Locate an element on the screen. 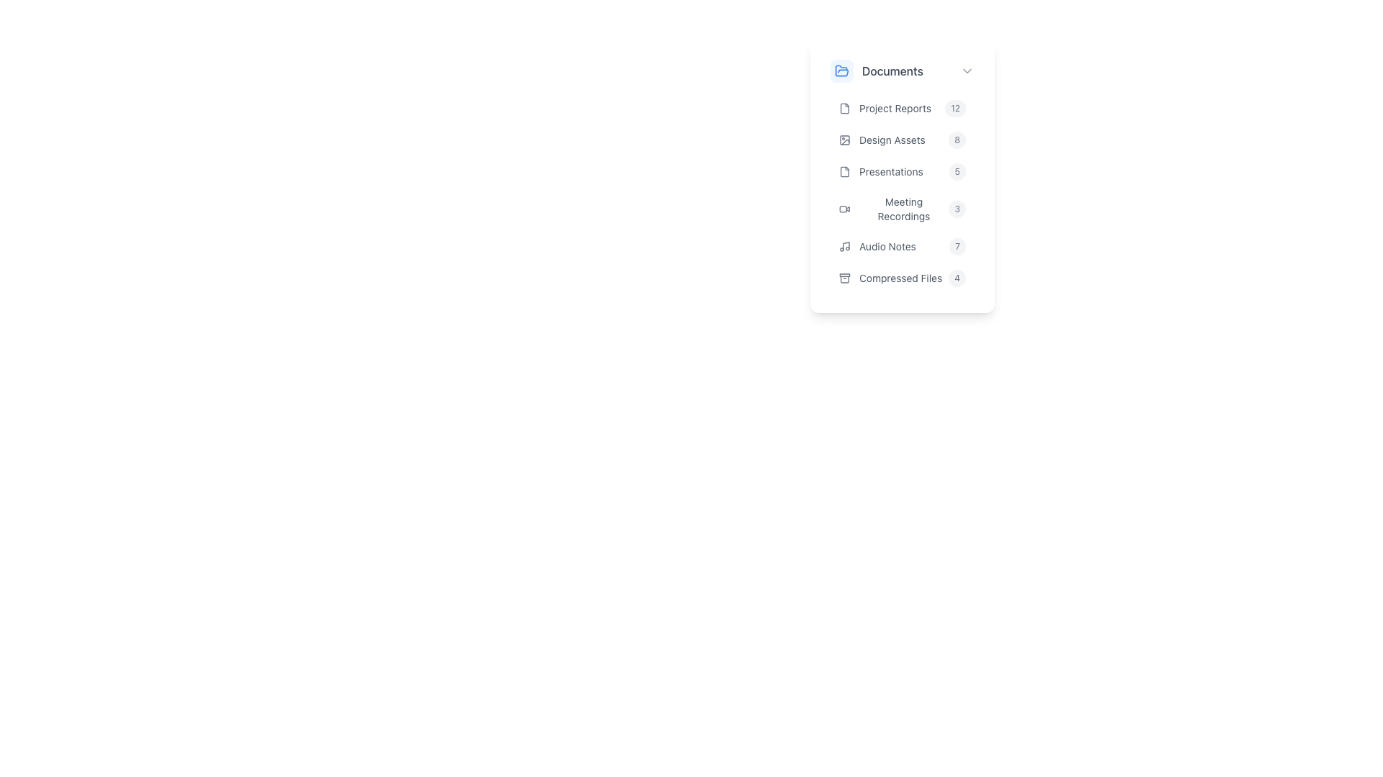  the first list item representing 'Project Reports' in the navigational list is located at coordinates (901, 107).